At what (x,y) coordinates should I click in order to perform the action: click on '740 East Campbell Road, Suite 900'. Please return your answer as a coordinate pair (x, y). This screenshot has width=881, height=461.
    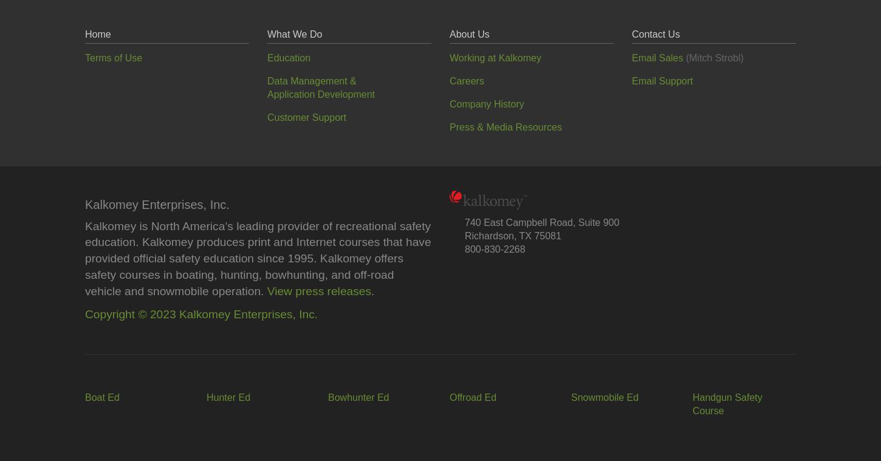
    Looking at the image, I should click on (465, 221).